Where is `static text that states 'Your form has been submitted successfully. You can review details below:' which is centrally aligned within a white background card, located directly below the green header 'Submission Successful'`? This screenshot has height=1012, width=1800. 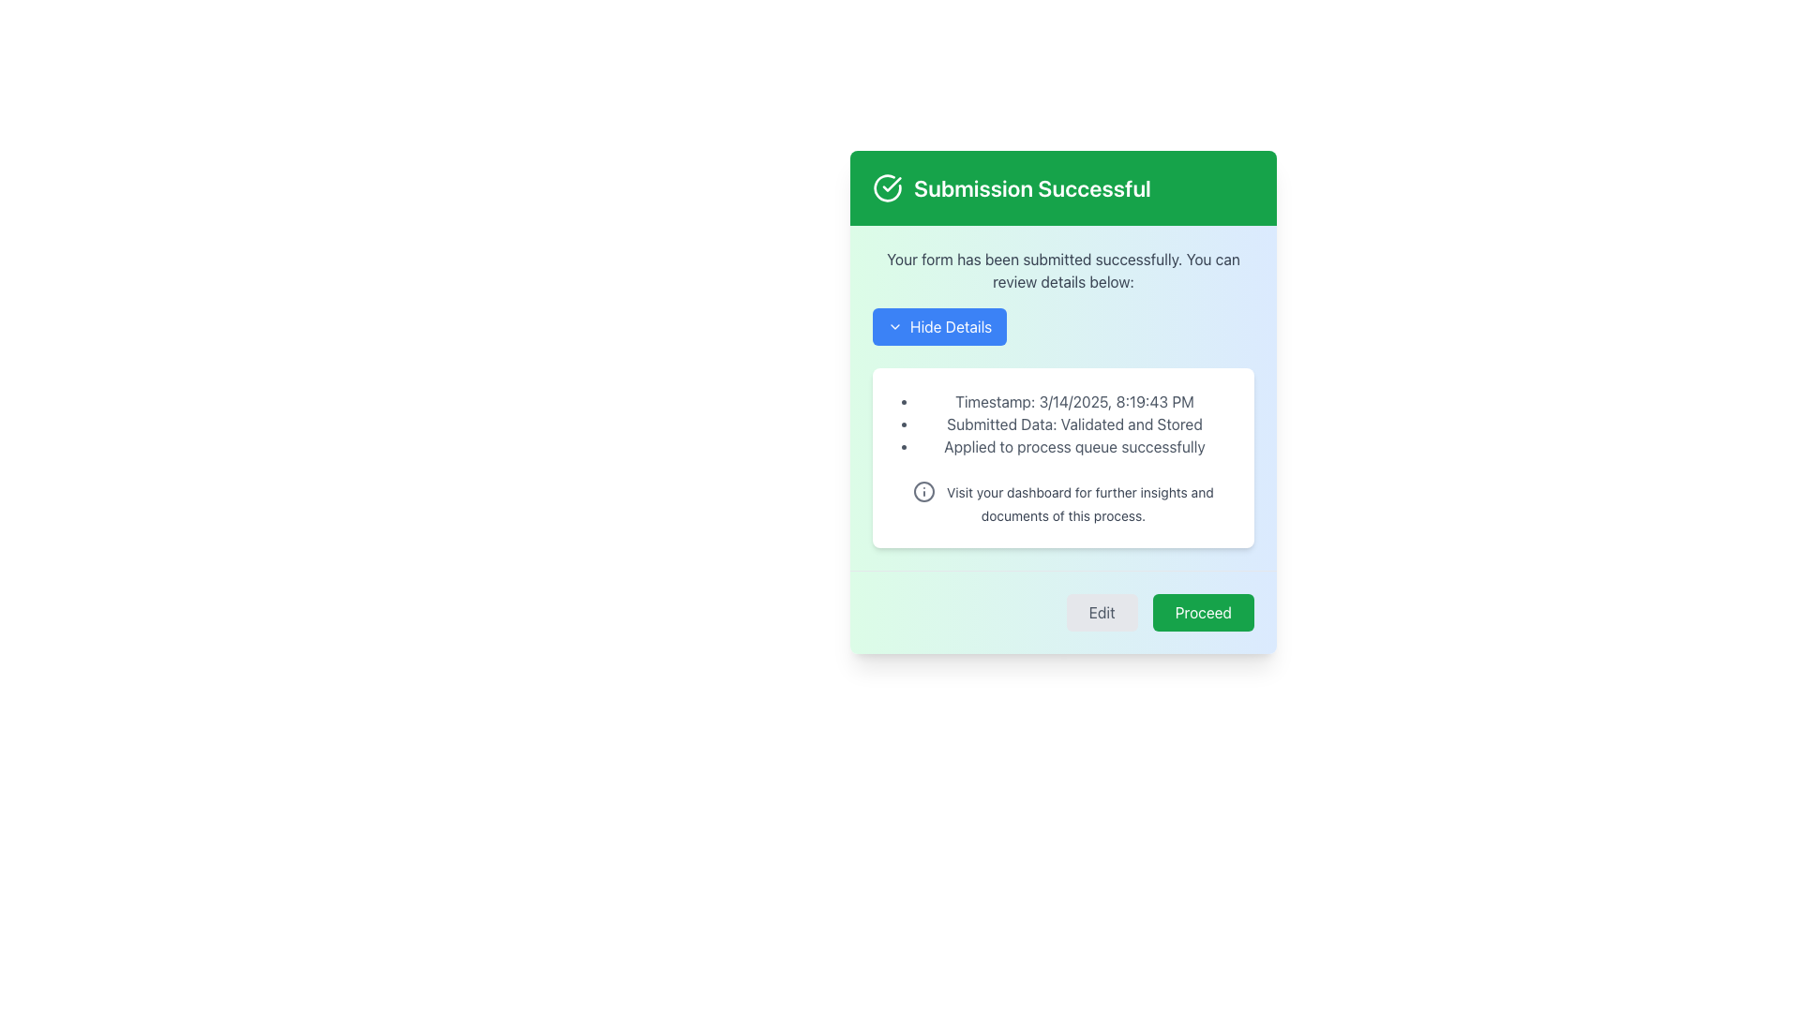
static text that states 'Your form has been submitted successfully. You can review details below:' which is centrally aligned within a white background card, located directly below the green header 'Submission Successful' is located at coordinates (1063, 271).